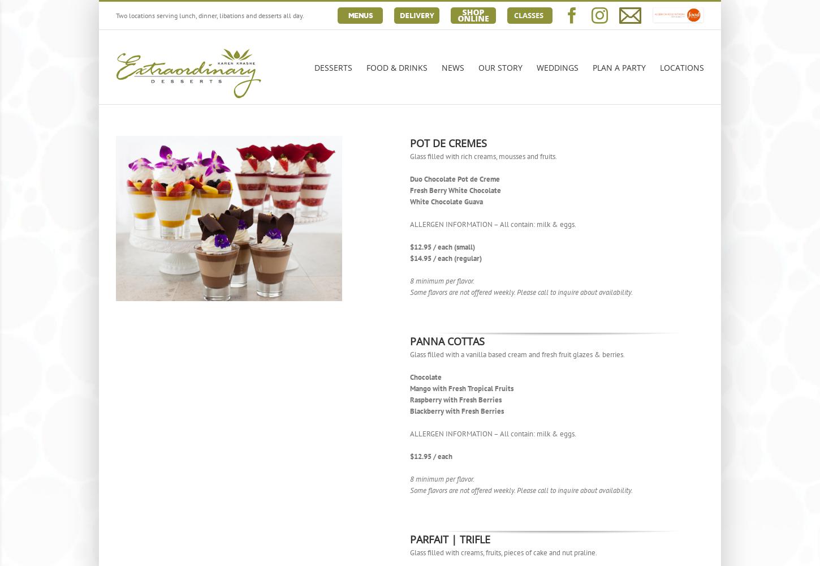 This screenshot has width=820, height=566. What do you see at coordinates (634, 194) in the screenshot?
I see `'BOOK YOUR EVENT'` at bounding box center [634, 194].